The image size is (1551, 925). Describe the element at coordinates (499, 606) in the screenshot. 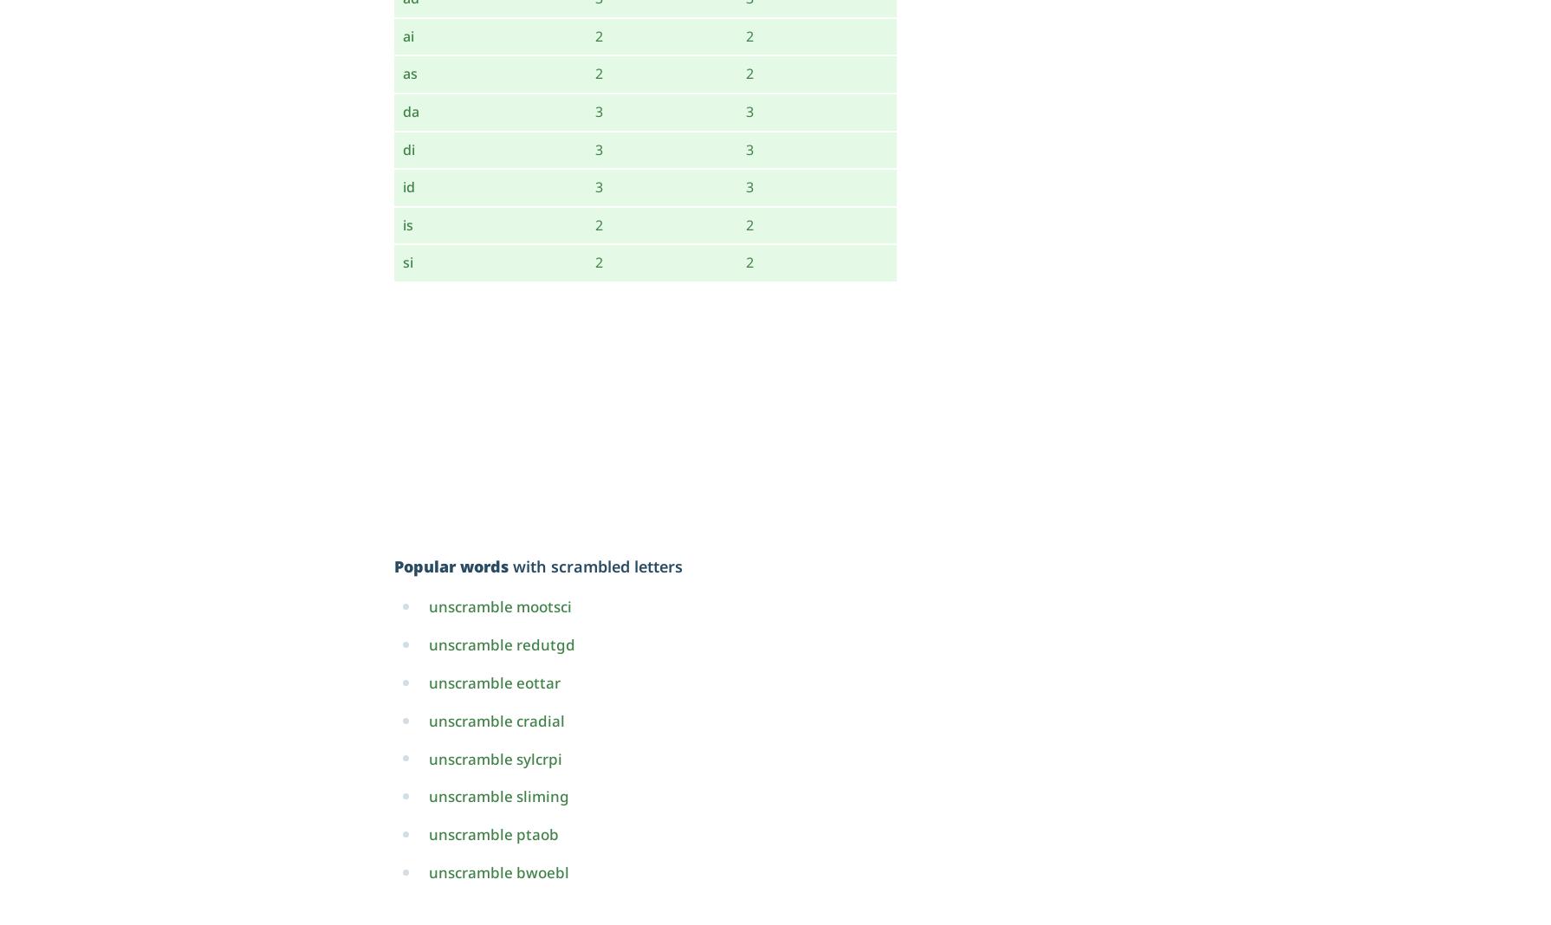

I see `'unscramble mootsci'` at that location.